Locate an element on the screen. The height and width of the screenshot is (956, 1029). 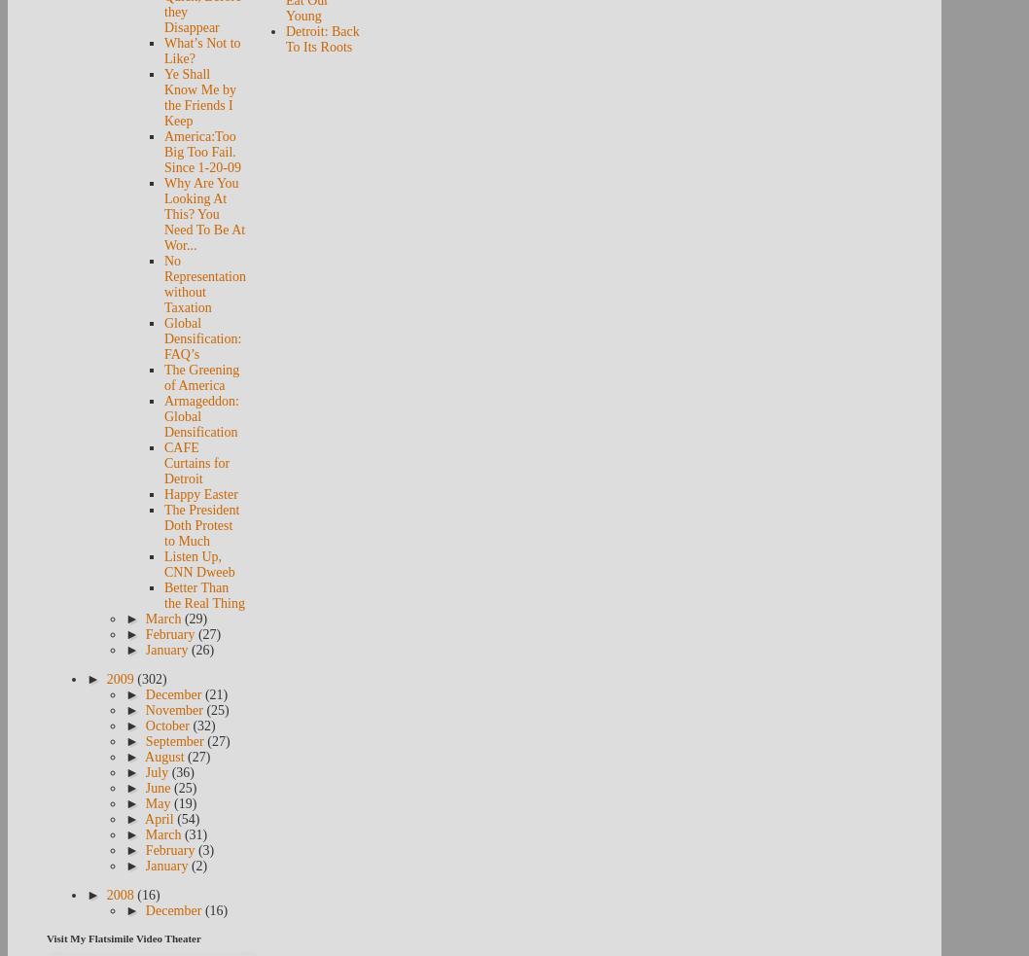
'(302)' is located at coordinates (150, 678).